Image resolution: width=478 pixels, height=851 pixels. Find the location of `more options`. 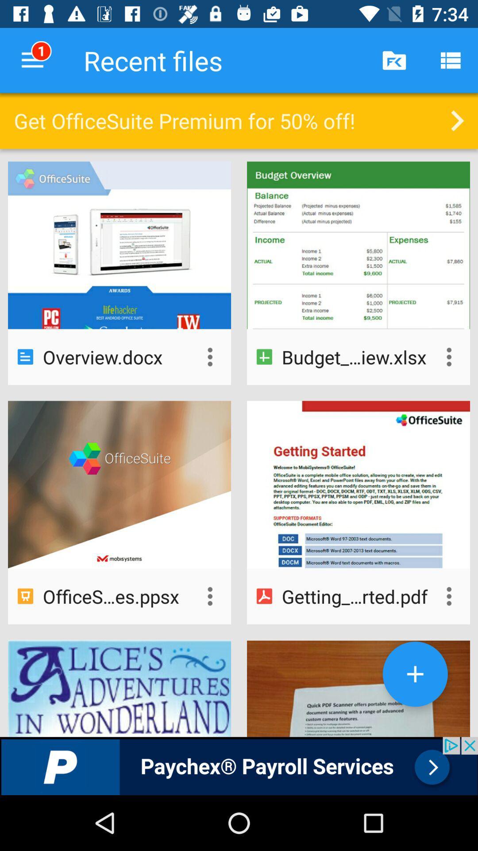

more options is located at coordinates (210, 357).